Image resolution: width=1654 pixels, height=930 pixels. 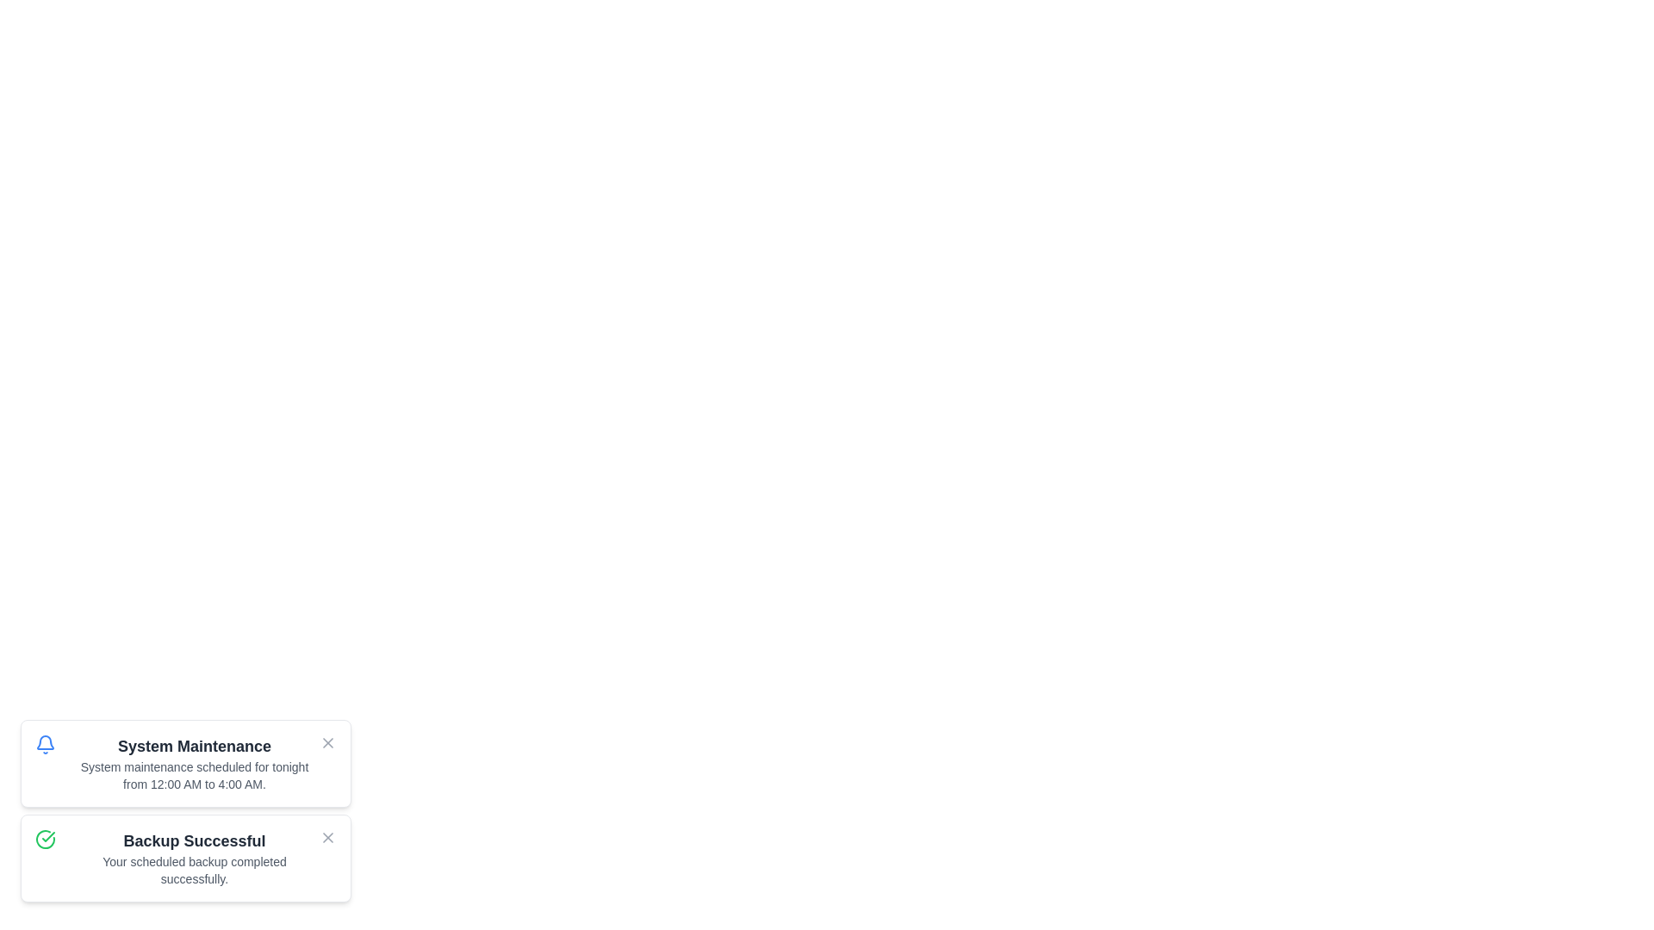 I want to click on the backup successful icon located in the bottom notification card, positioned at the leftmost side near the text content, so click(x=45, y=839).